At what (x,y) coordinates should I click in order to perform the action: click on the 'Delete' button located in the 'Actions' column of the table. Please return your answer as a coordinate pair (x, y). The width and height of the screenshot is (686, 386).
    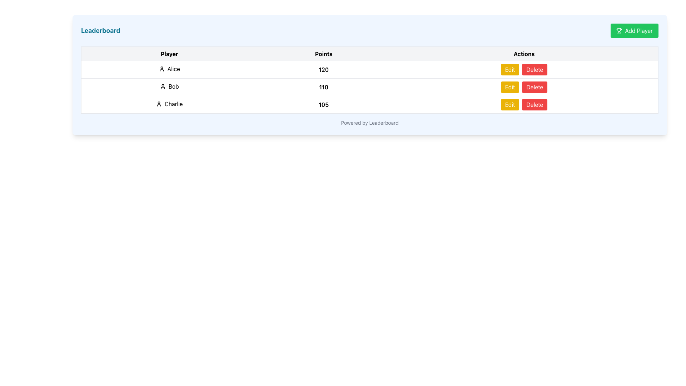
    Looking at the image, I should click on (535, 86).